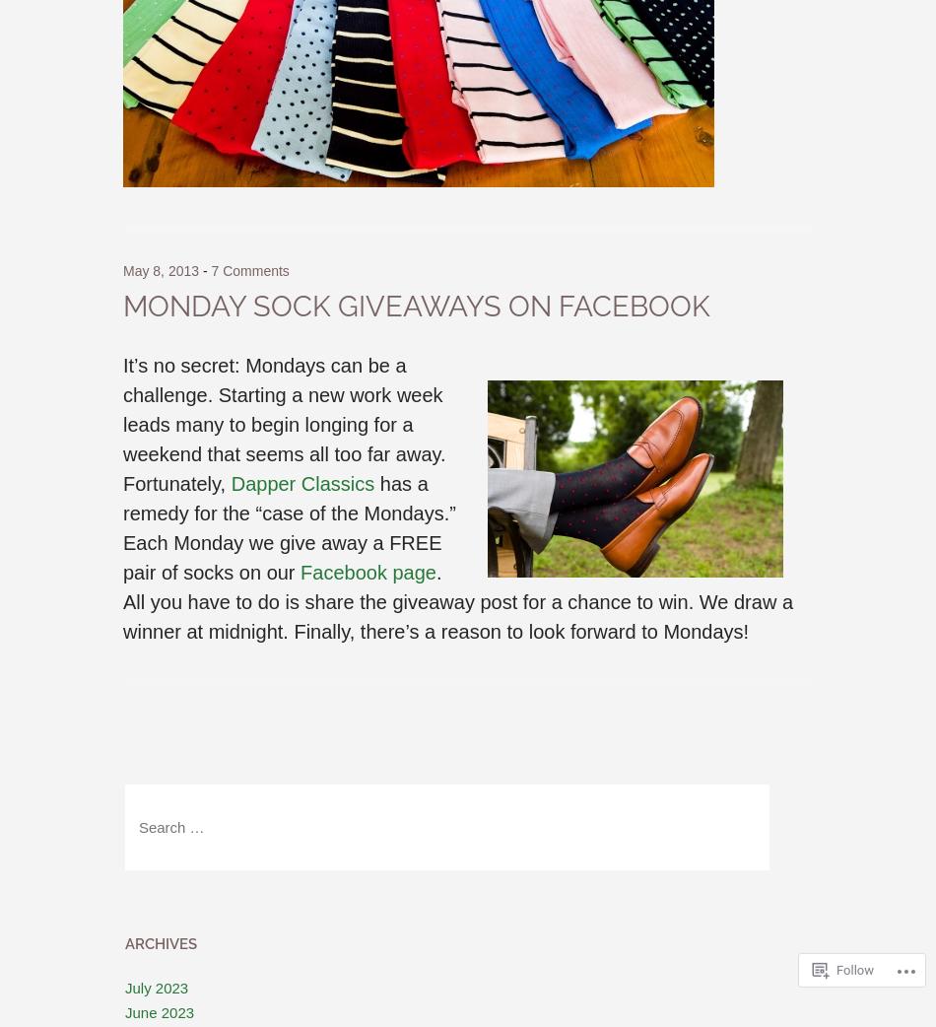  I want to click on 'May 8, 2013', so click(161, 270).